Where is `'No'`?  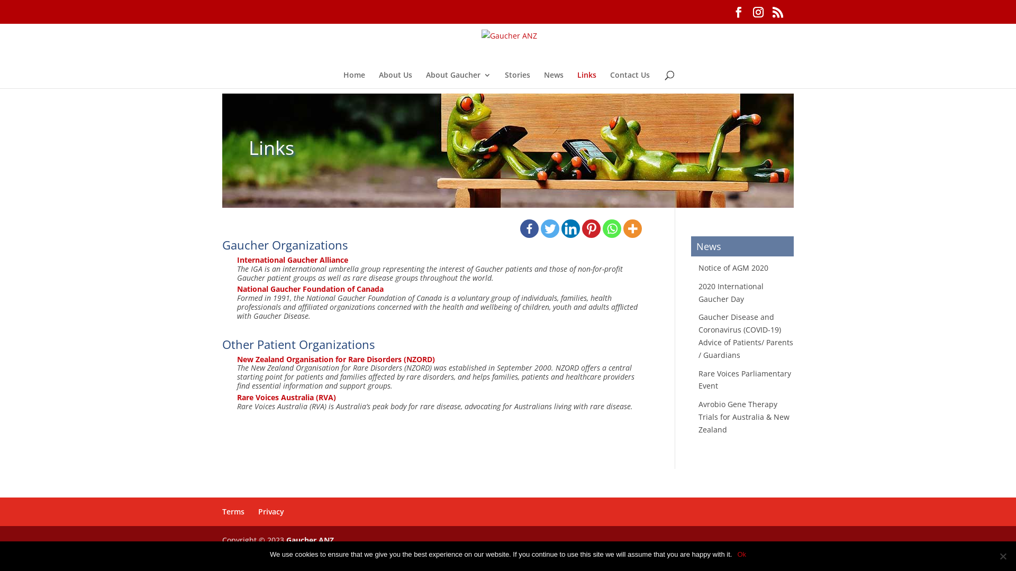
'No' is located at coordinates (1002, 556).